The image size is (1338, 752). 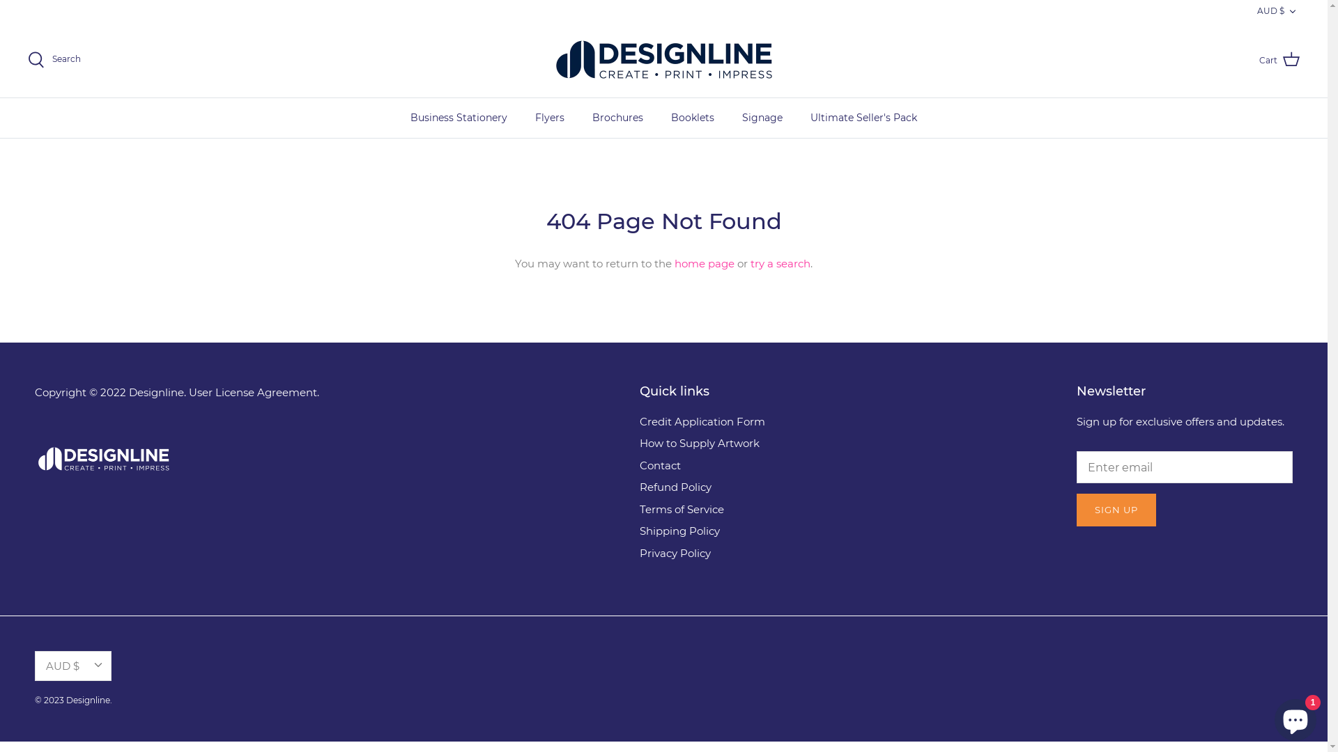 What do you see at coordinates (663, 59) in the screenshot?
I see `'Designline'` at bounding box center [663, 59].